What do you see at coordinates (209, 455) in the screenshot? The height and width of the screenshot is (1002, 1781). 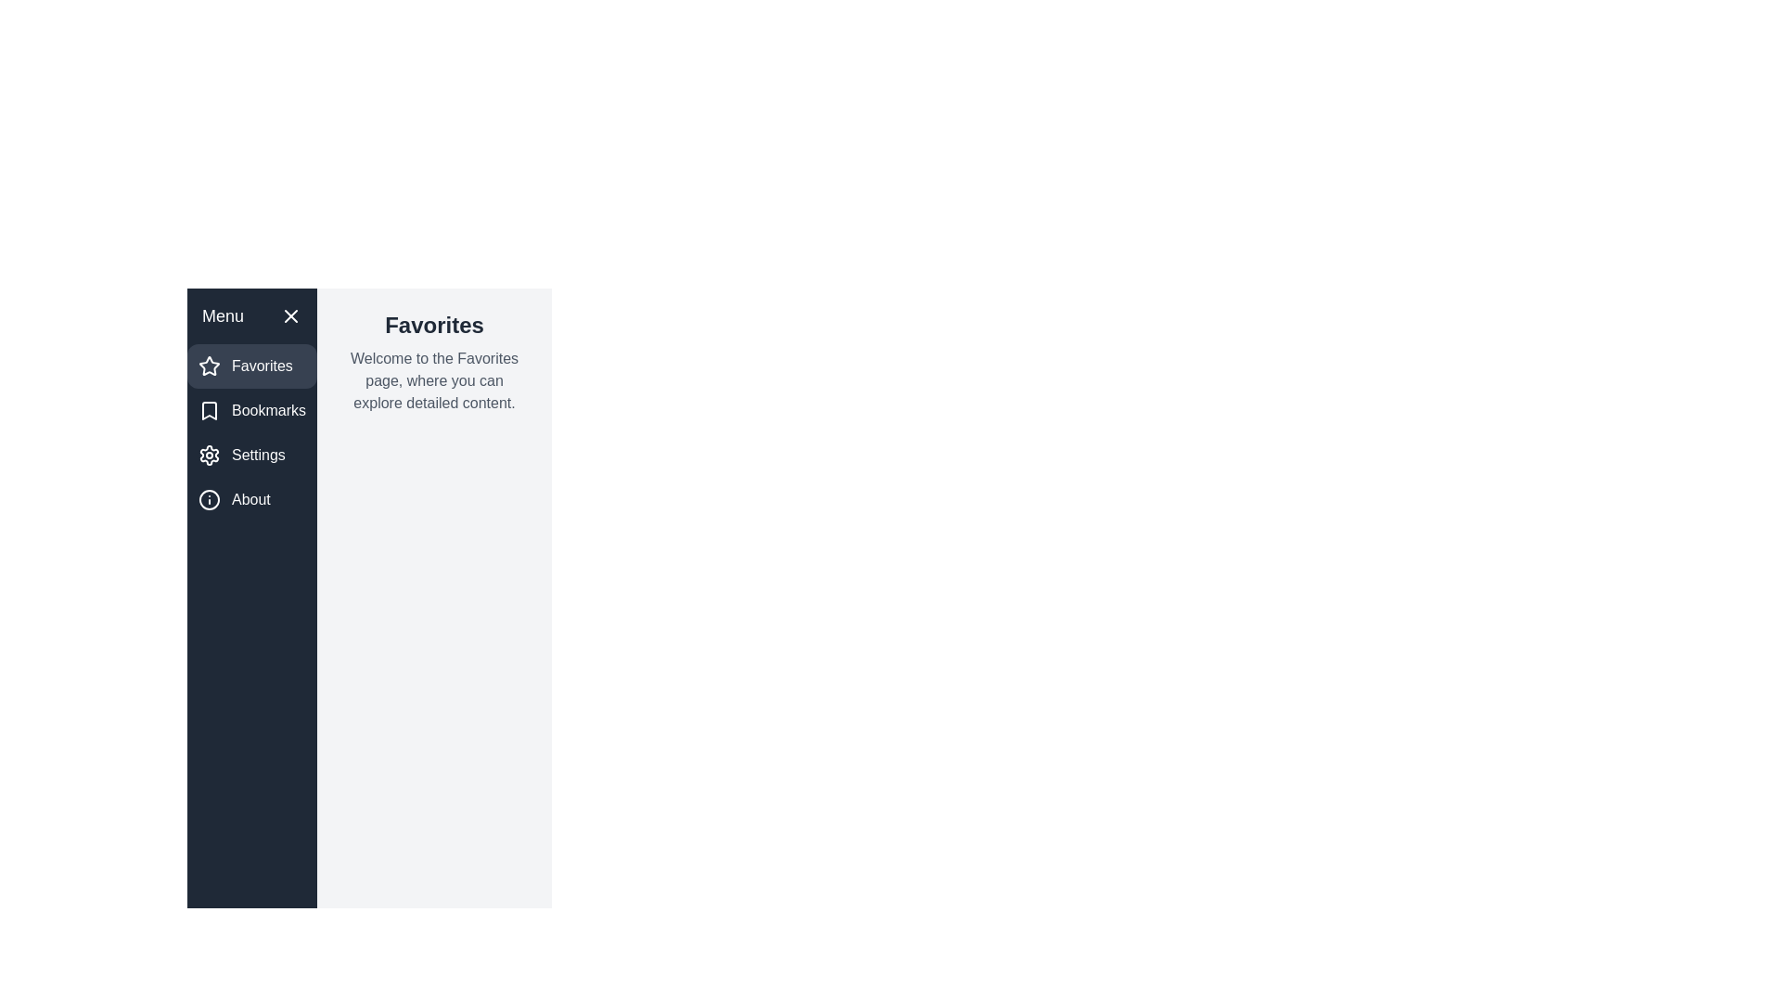 I see `on the gear settings icon, which is the third item in the vertical navigation menu, located below the 'Bookmarks' icon and above the 'About' icon` at bounding box center [209, 455].